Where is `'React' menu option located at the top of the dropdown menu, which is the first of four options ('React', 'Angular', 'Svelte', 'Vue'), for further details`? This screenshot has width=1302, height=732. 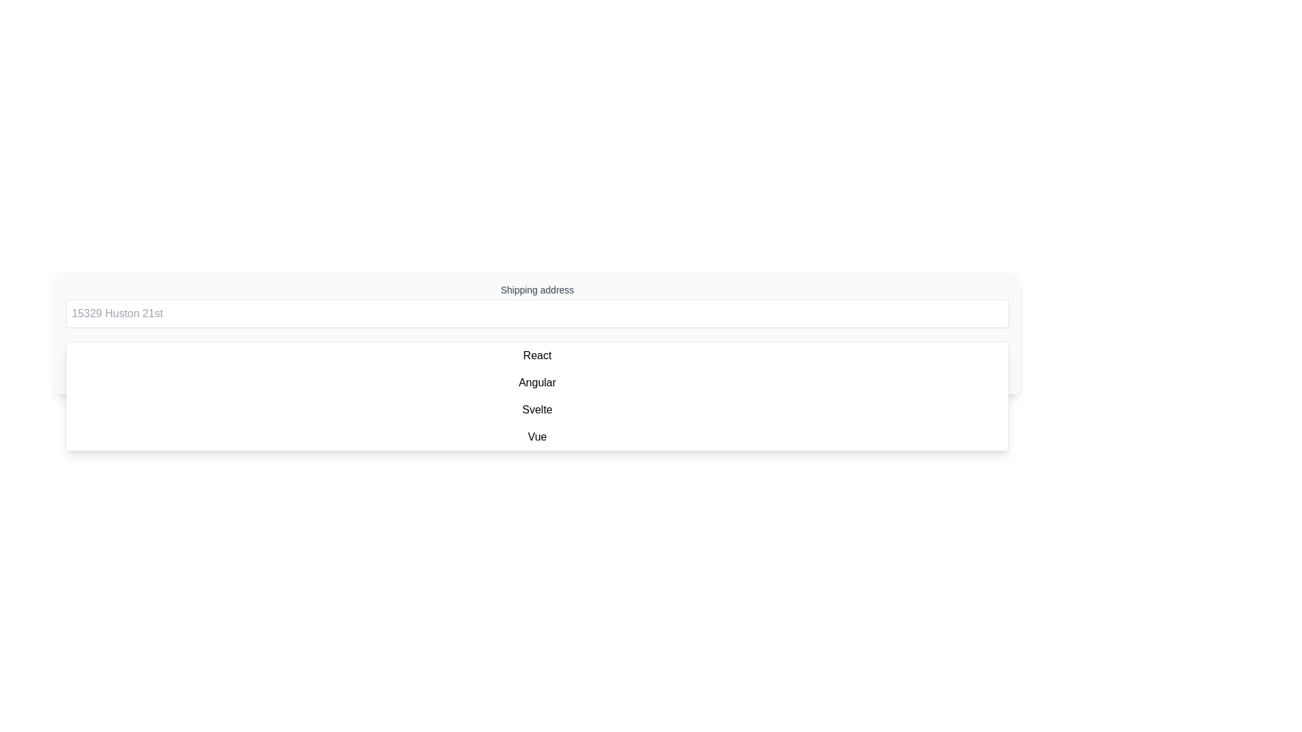 'React' menu option located at the top of the dropdown menu, which is the first of four options ('React', 'Angular', 'Svelte', 'Vue'), for further details is located at coordinates (536, 354).